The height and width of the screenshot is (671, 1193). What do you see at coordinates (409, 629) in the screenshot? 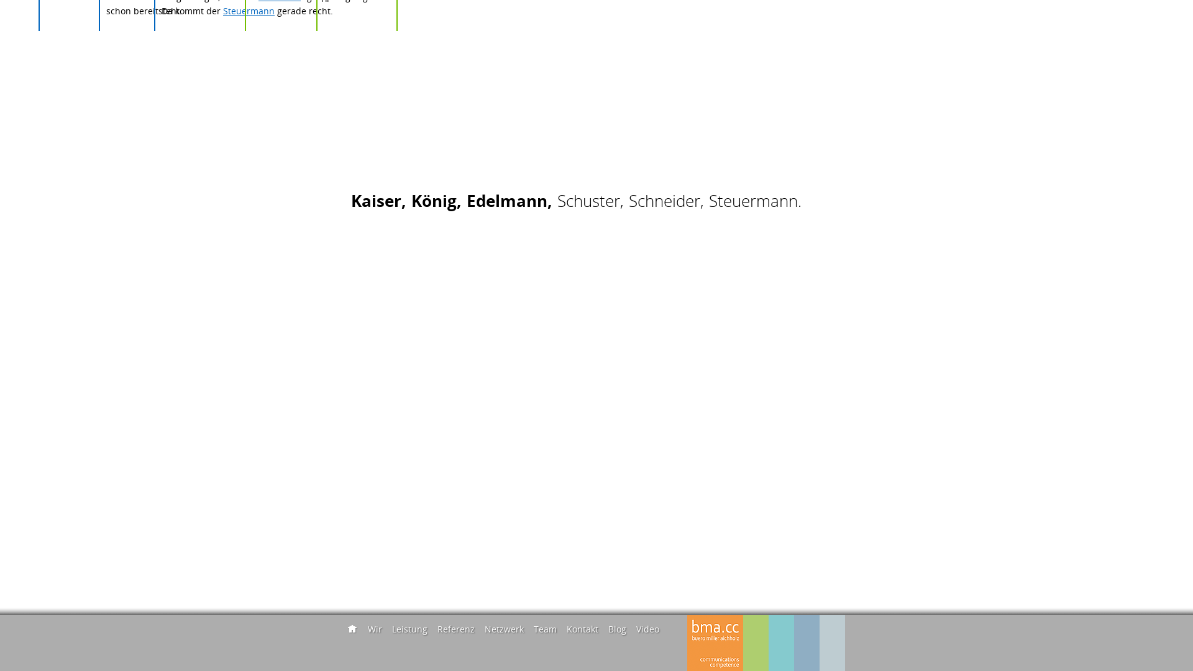
I see `'Leistung'` at bounding box center [409, 629].